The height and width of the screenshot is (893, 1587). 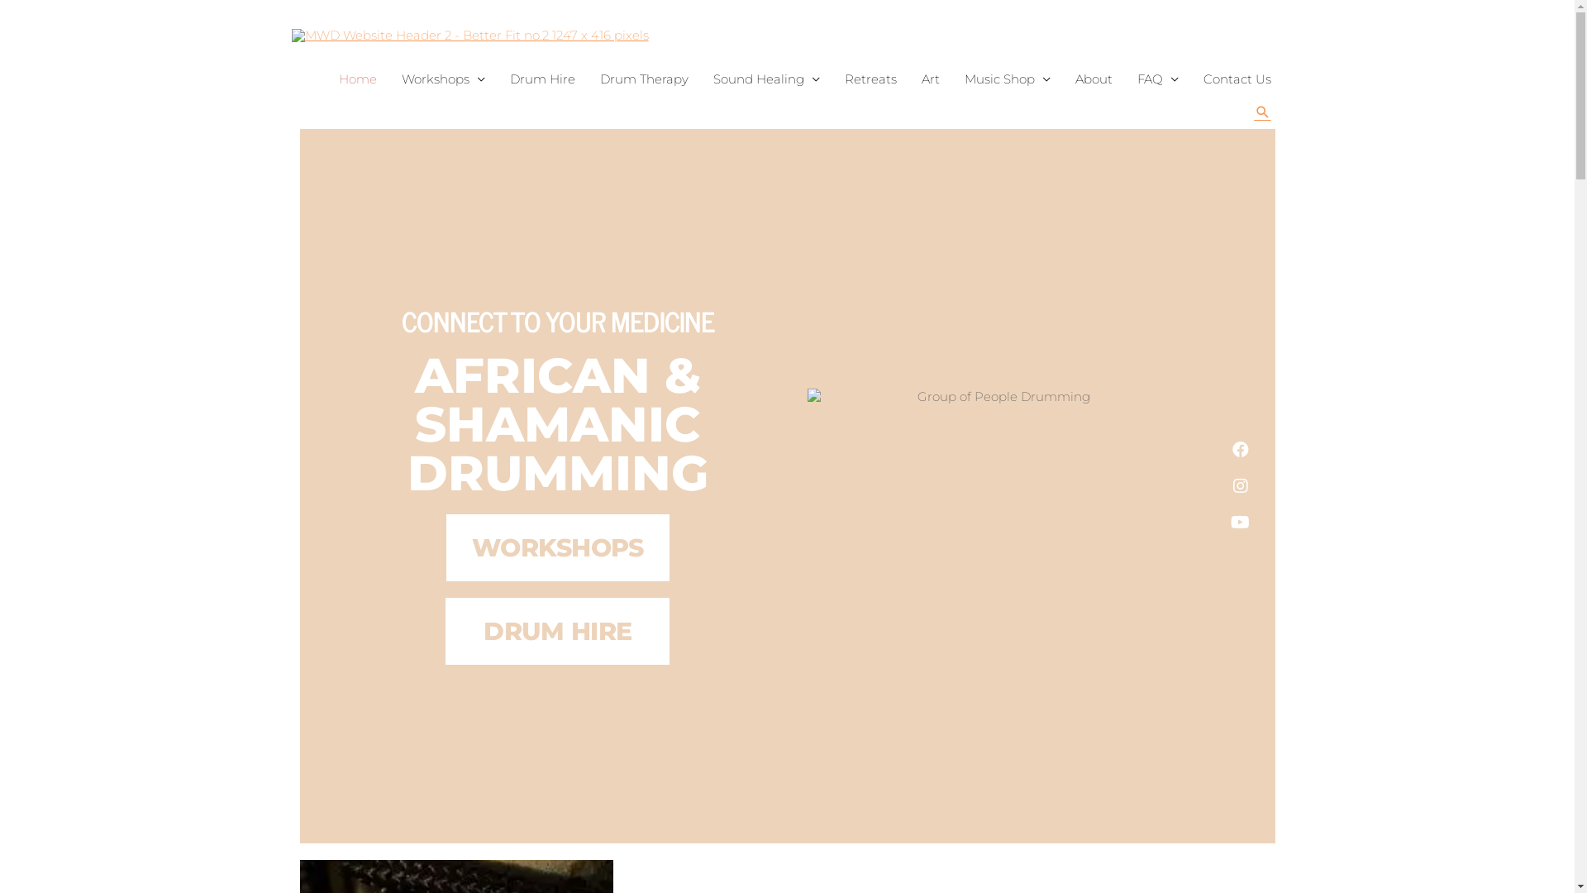 What do you see at coordinates (446, 547) in the screenshot?
I see `'WORKSHOPS'` at bounding box center [446, 547].